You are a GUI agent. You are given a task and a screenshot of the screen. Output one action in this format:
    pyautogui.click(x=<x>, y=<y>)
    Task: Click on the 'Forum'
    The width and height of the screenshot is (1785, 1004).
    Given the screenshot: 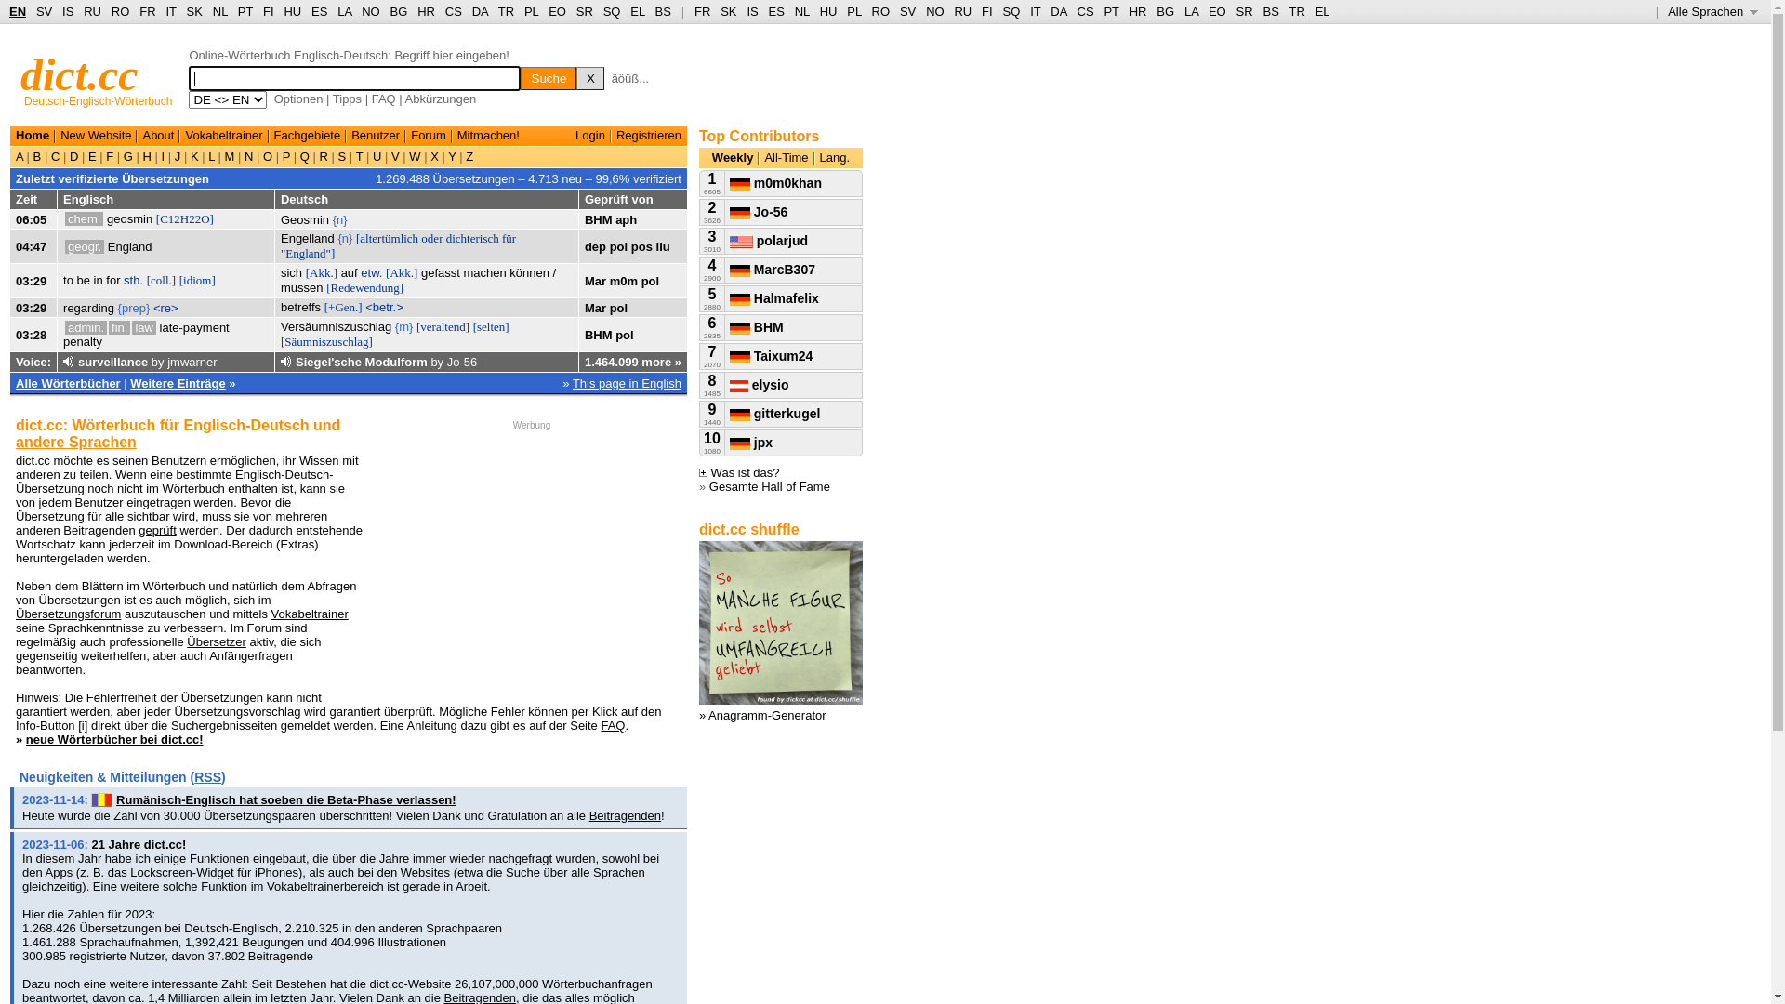 What is the action you would take?
    pyautogui.click(x=409, y=134)
    